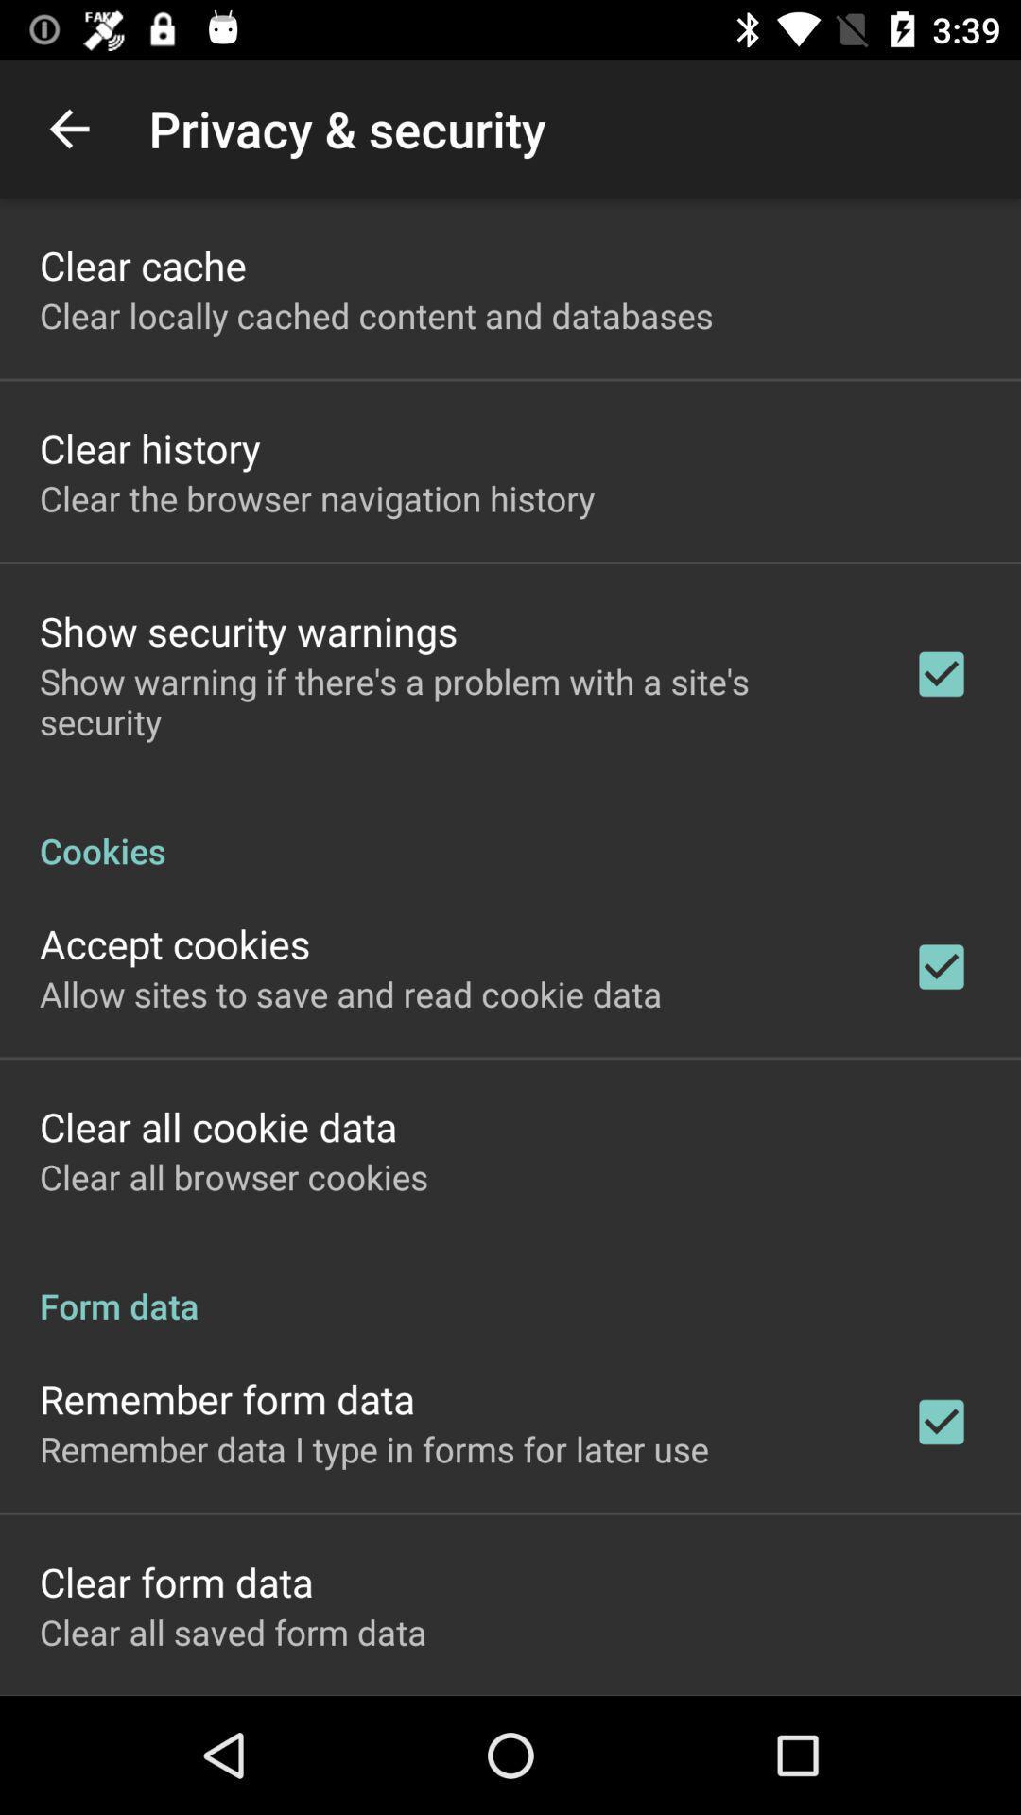 Image resolution: width=1021 pixels, height=1815 pixels. Describe the element at coordinates (175, 943) in the screenshot. I see `icon below the cookies icon` at that location.